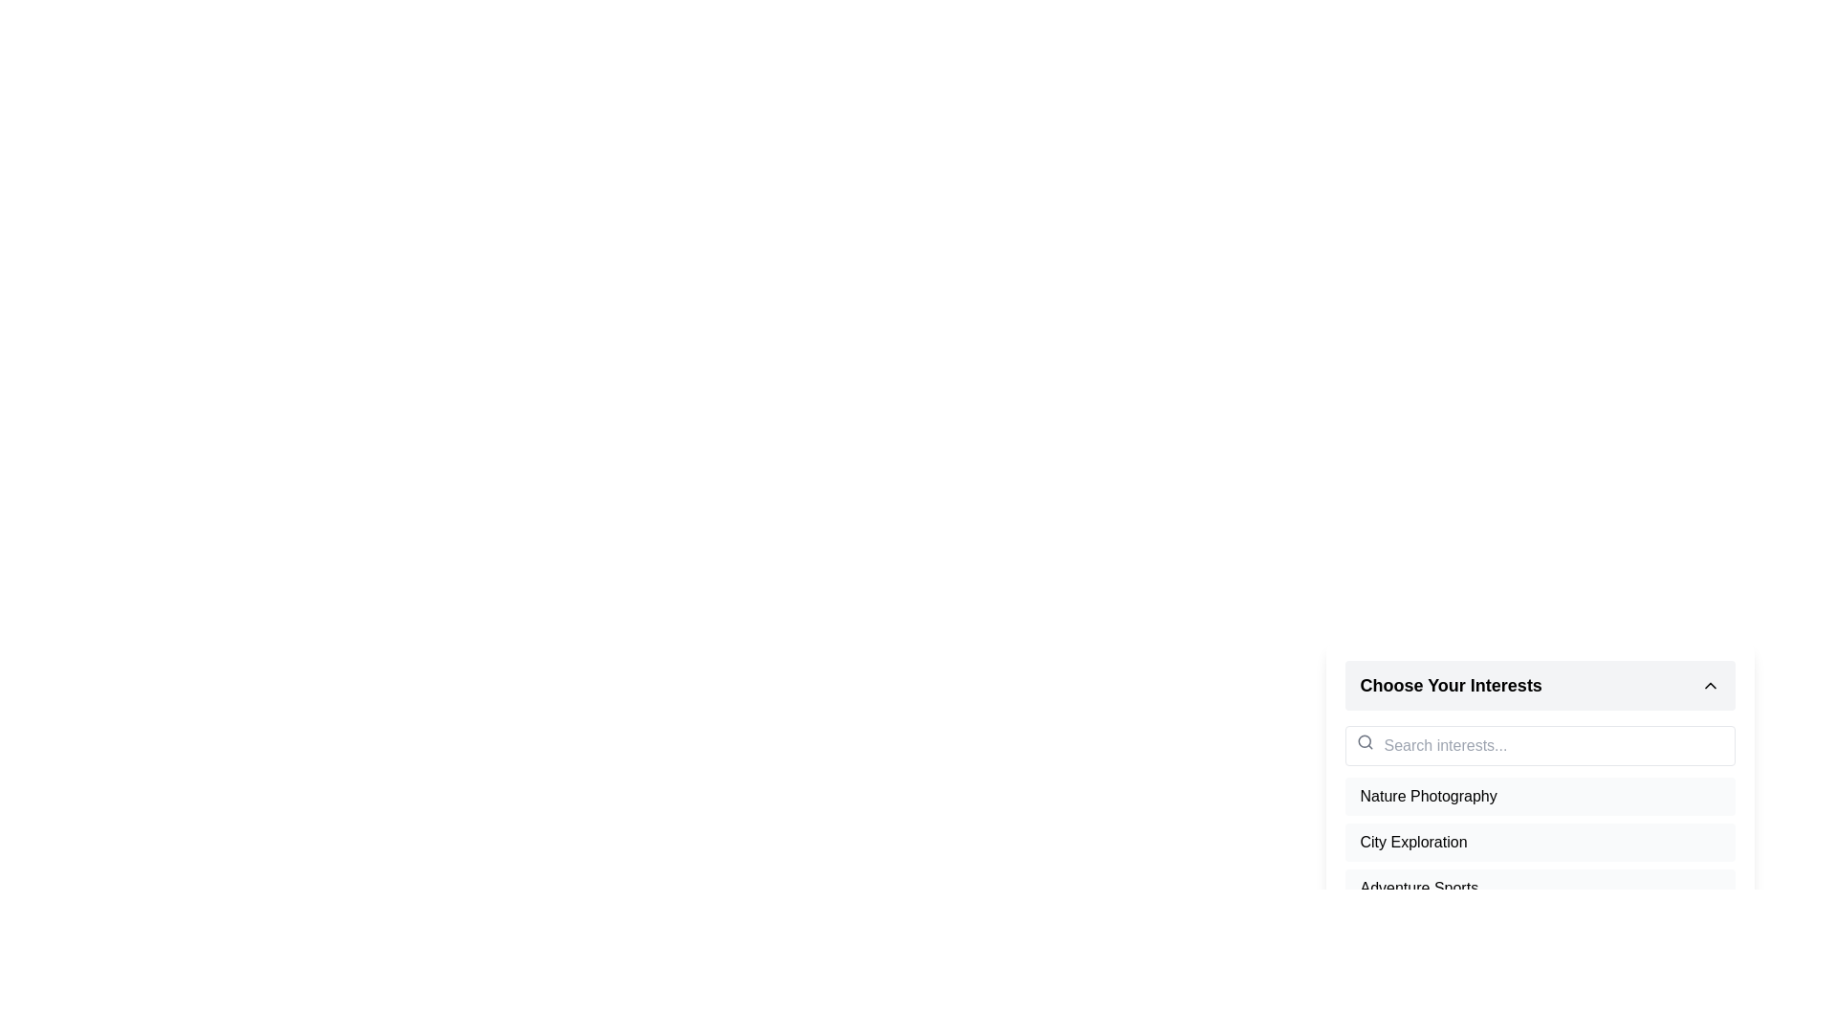 The width and height of the screenshot is (1836, 1033). What do you see at coordinates (1364, 740) in the screenshot?
I see `the search icon located inside the 'Choose Your Interests' input field to indicate the presence of a search feature` at bounding box center [1364, 740].